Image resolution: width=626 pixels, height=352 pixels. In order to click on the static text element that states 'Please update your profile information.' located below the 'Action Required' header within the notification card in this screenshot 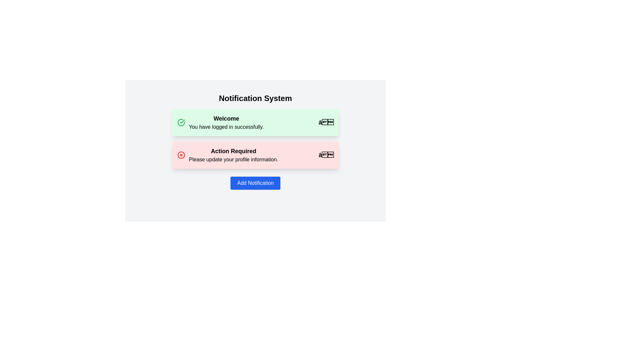, I will do `click(233, 159)`.